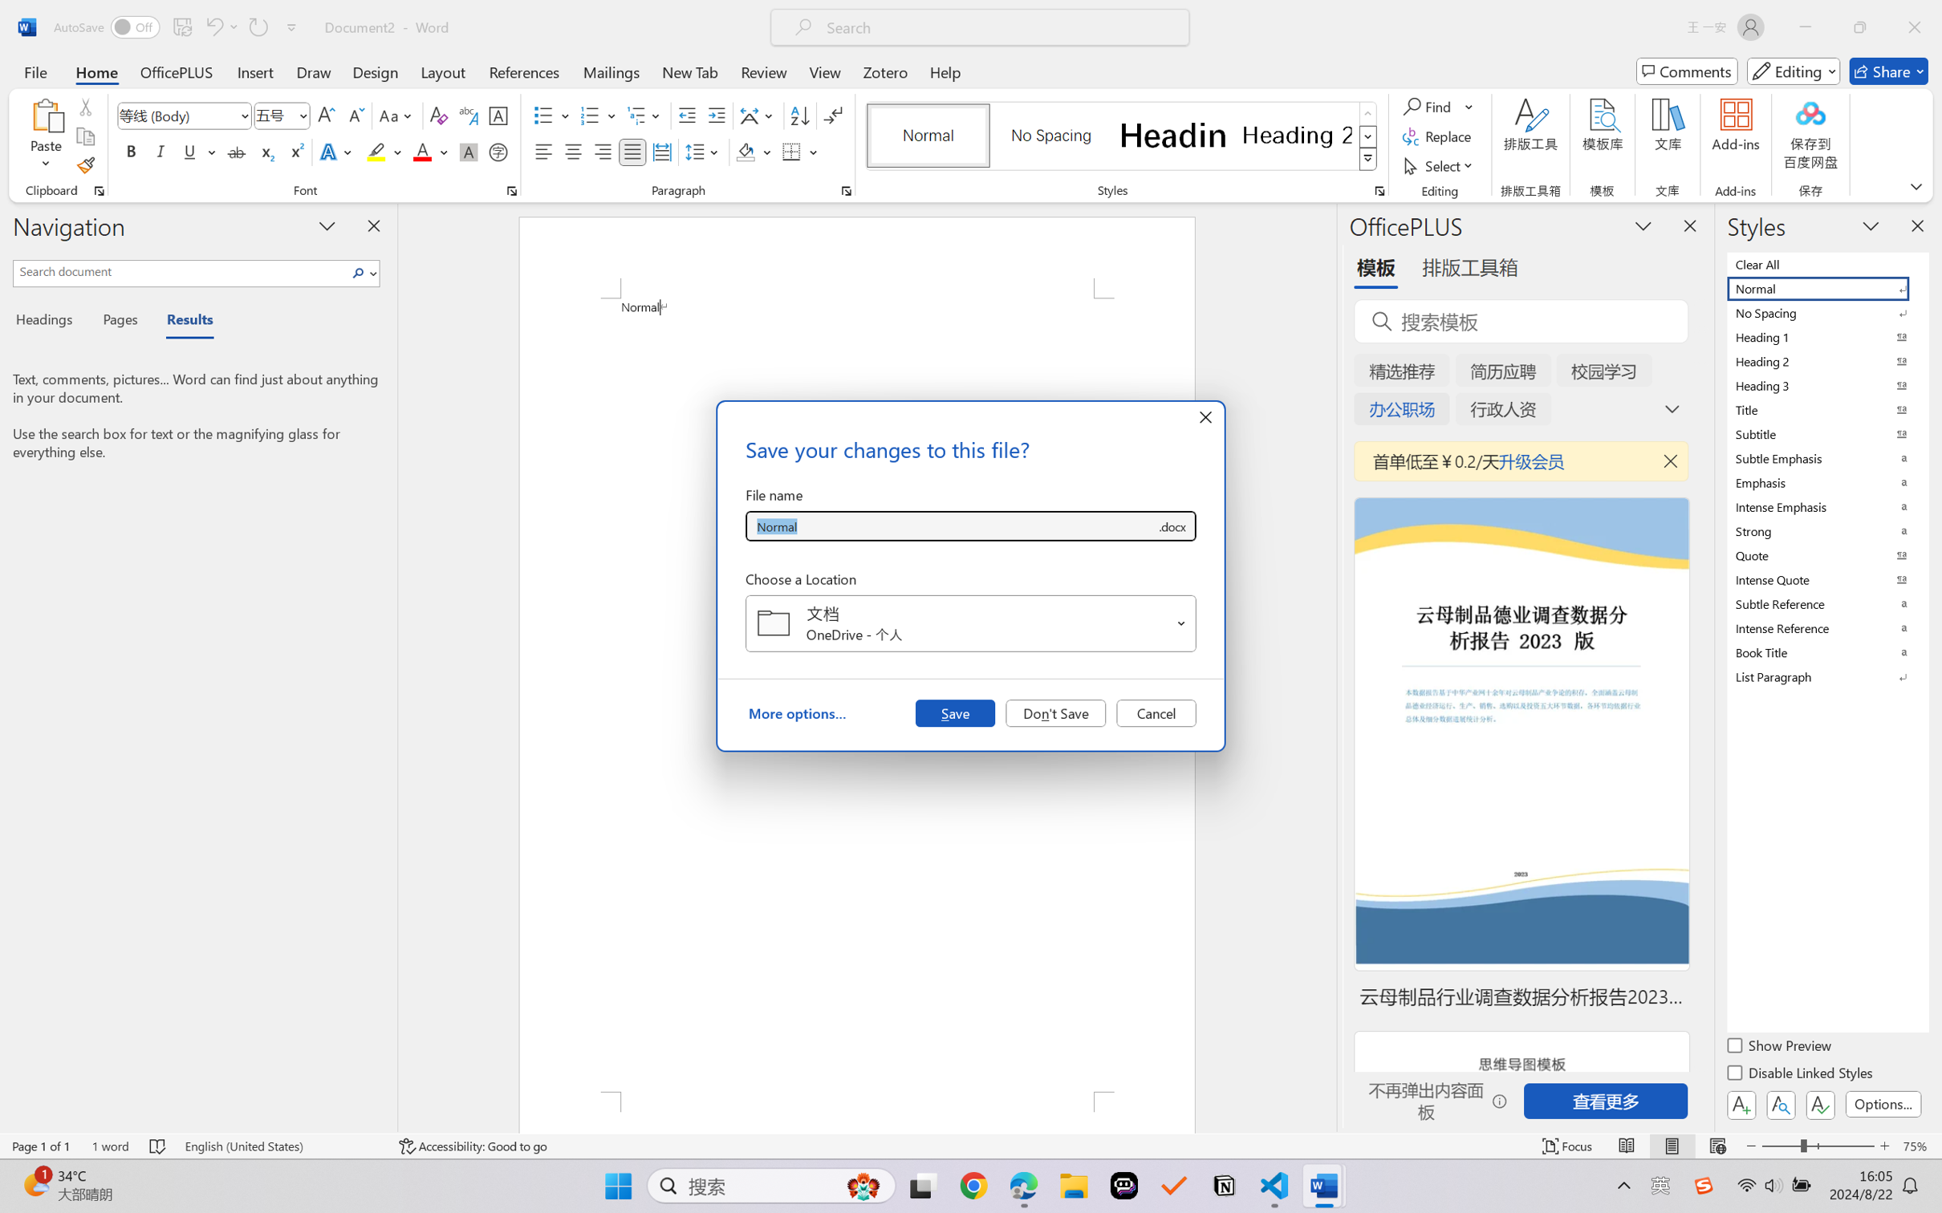 The width and height of the screenshot is (1942, 1213). I want to click on 'Change Case', so click(396, 116).